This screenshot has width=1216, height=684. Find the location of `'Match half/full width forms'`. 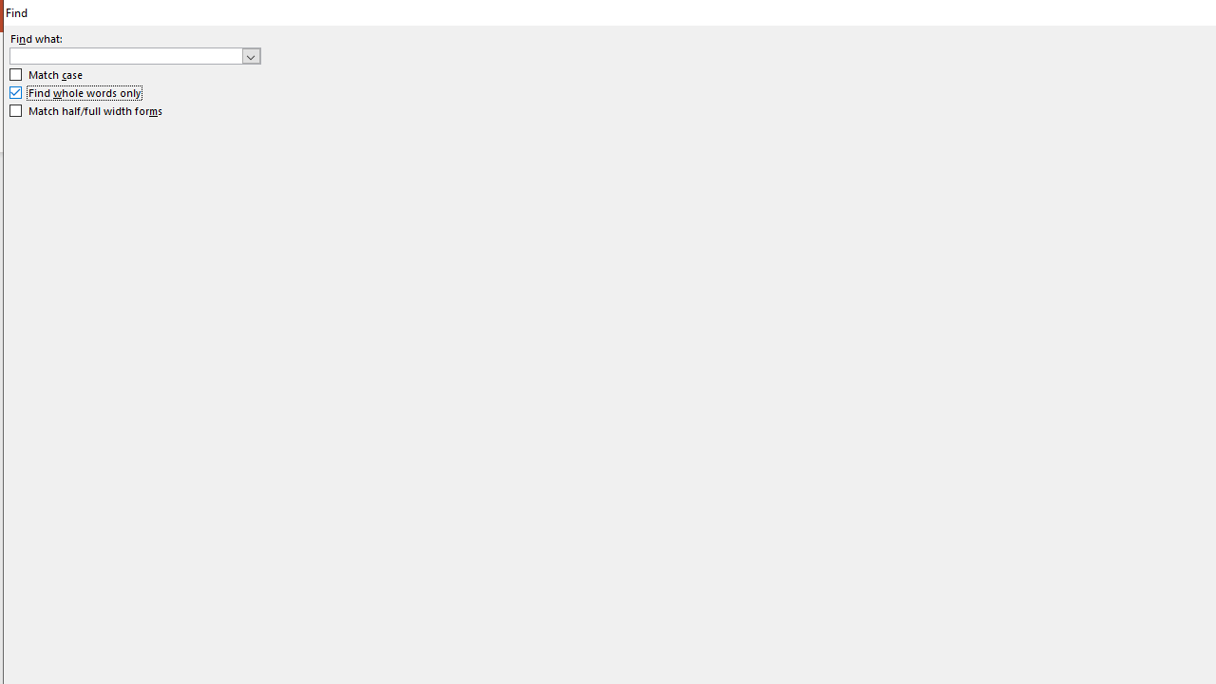

'Match half/full width forms' is located at coordinates (85, 111).